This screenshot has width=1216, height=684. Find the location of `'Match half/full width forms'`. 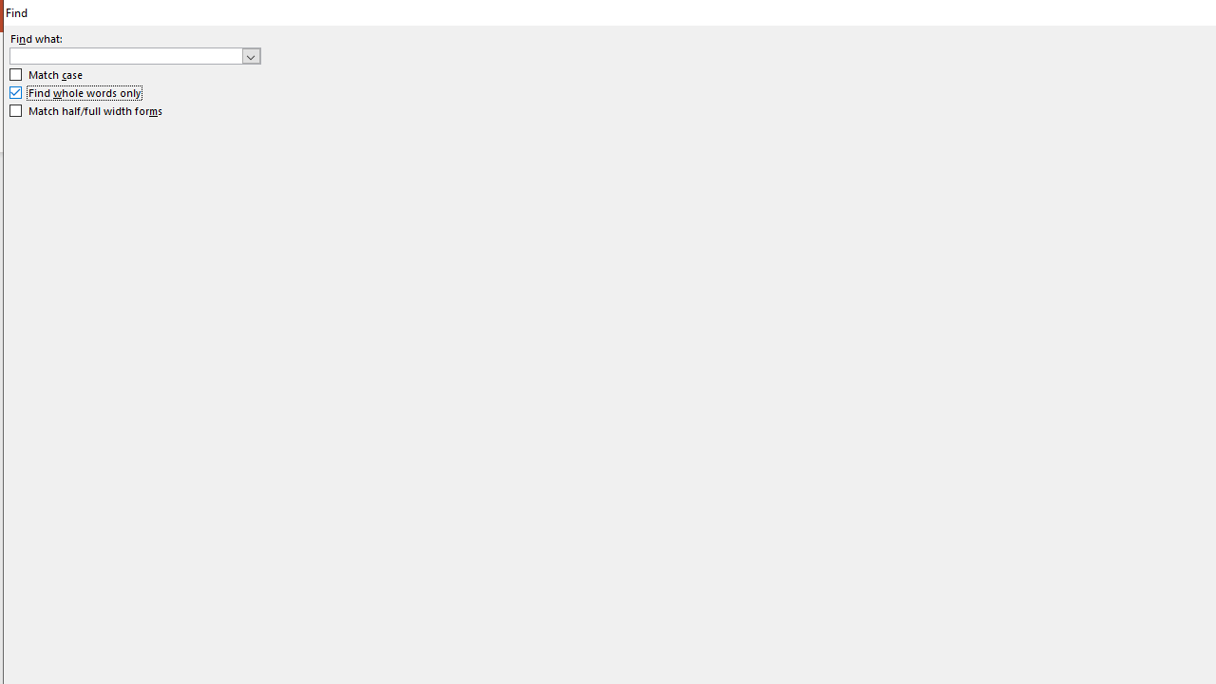

'Match half/full width forms' is located at coordinates (85, 111).